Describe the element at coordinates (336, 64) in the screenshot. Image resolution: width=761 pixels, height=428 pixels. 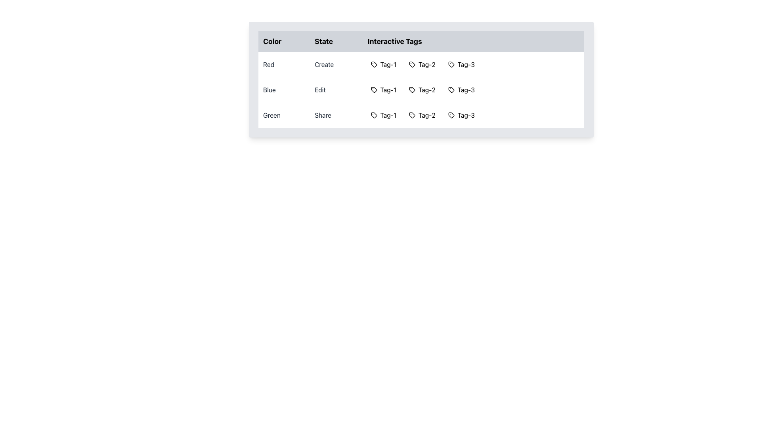
I see `the static text label 'Create' styled in gray under the 'State' column, next to 'Red' in the 'Color' column` at that location.